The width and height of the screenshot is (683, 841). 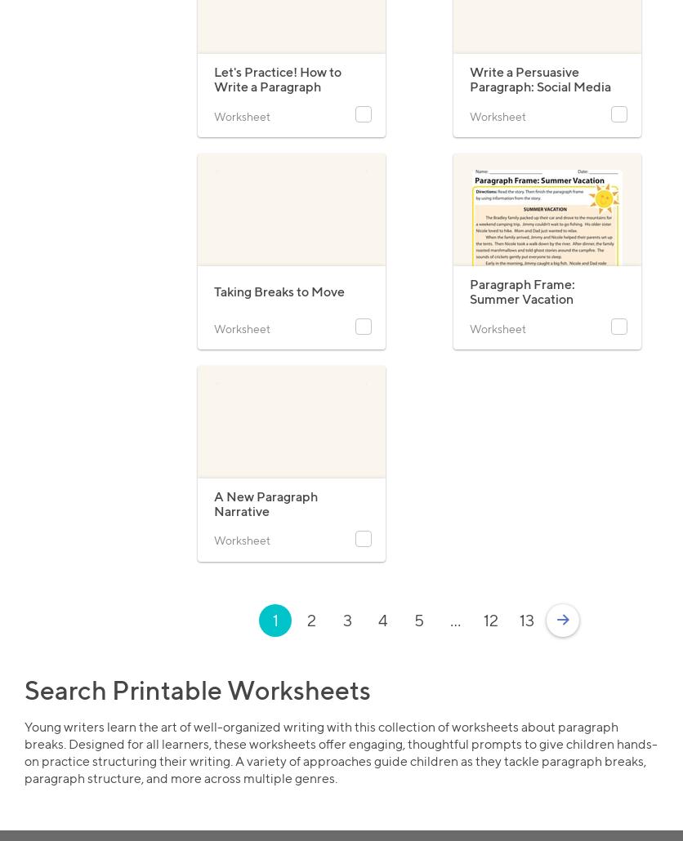 I want to click on '4', so click(x=382, y=620).